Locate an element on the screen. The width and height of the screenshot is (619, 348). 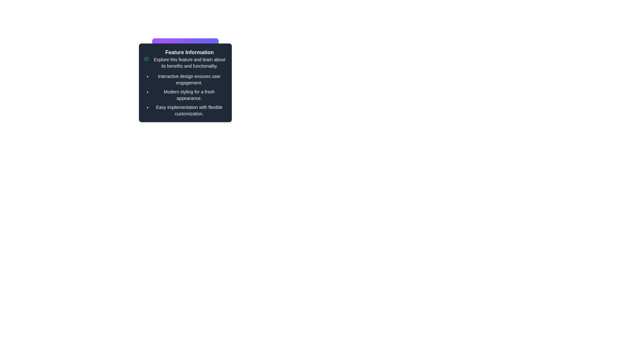
the static text that reads 'Modern styling for a fresh appearance.' which is the second item in a bulleted list under 'Feature Information.' is located at coordinates (189, 95).